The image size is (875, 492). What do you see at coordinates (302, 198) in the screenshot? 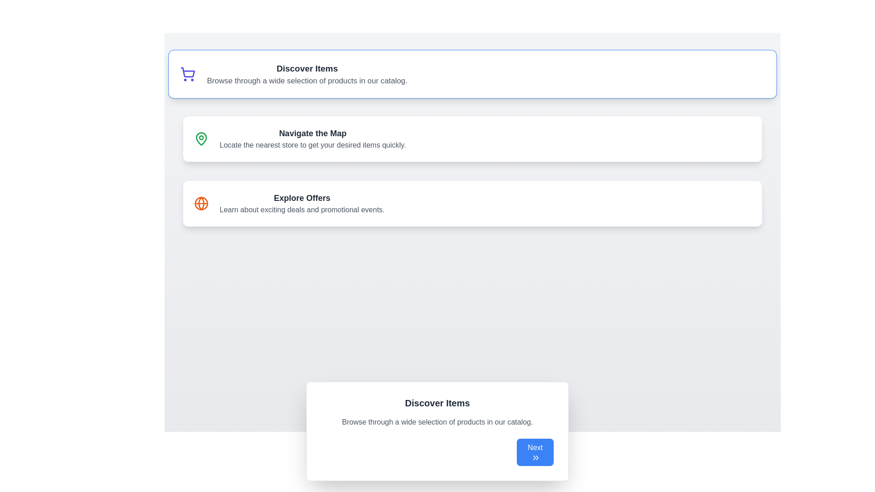
I see `the 'Explore Offers' text label, which is styled in bold and large font, located in the third row of a vertically stacked list of sections, directly above the description text 'Learn about exciting deals and promotional events.'` at bounding box center [302, 198].